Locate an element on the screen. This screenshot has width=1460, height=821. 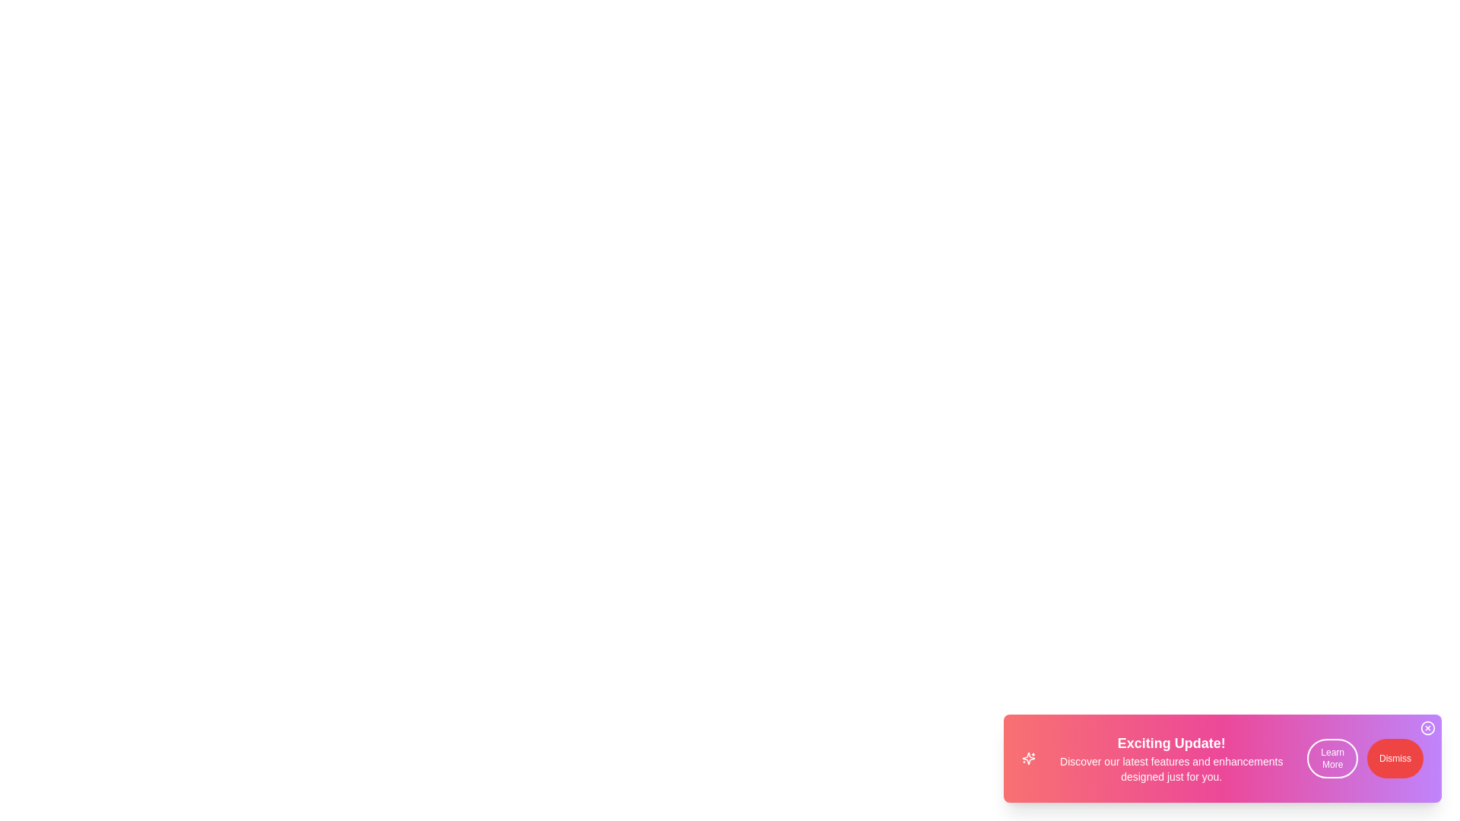
the text content of the VibrantSnackbar component is located at coordinates (1046, 732).